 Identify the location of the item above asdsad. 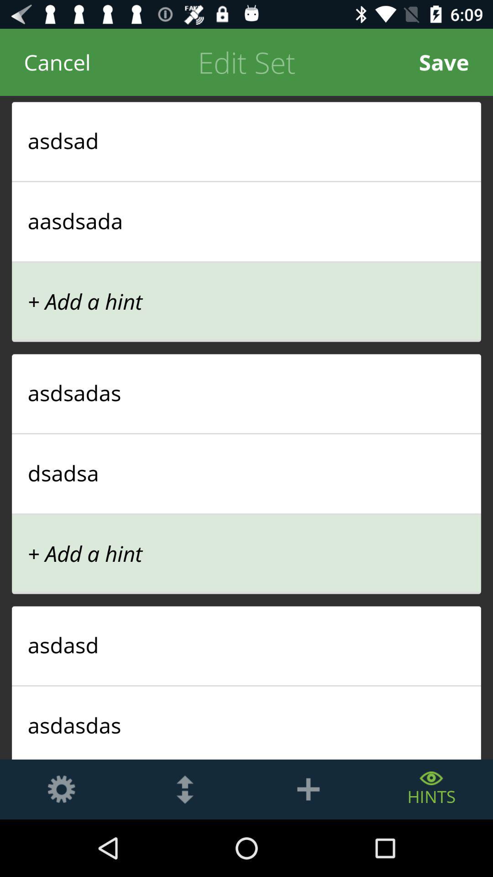
(443, 62).